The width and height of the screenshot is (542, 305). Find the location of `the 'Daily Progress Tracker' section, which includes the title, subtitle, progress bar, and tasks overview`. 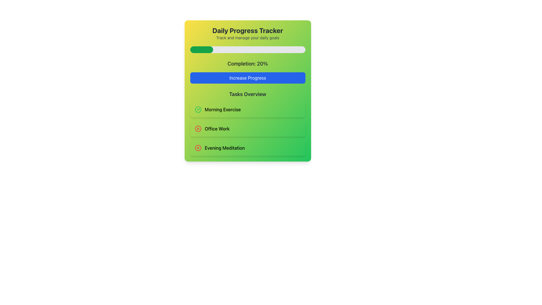

the 'Daily Progress Tracker' section, which includes the title, subtitle, progress bar, and tasks overview is located at coordinates (248, 90).